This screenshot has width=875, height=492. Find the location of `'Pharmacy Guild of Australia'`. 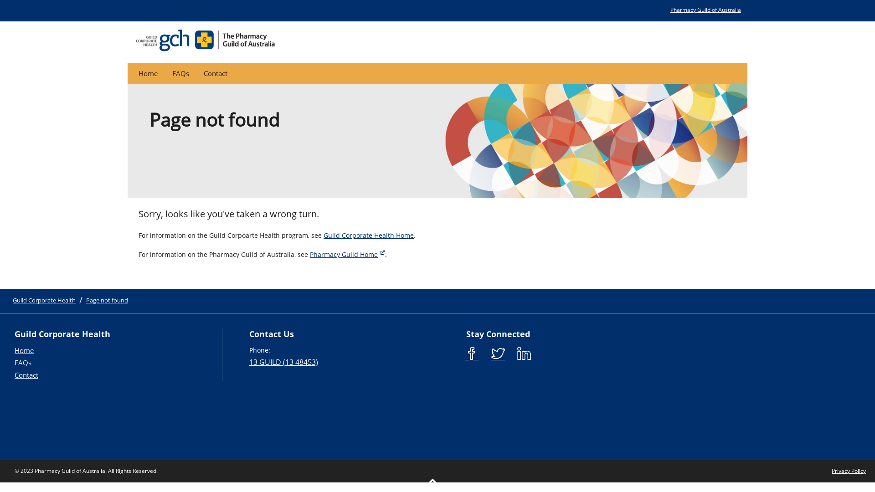

'Pharmacy Guild of Australia' is located at coordinates (705, 10).